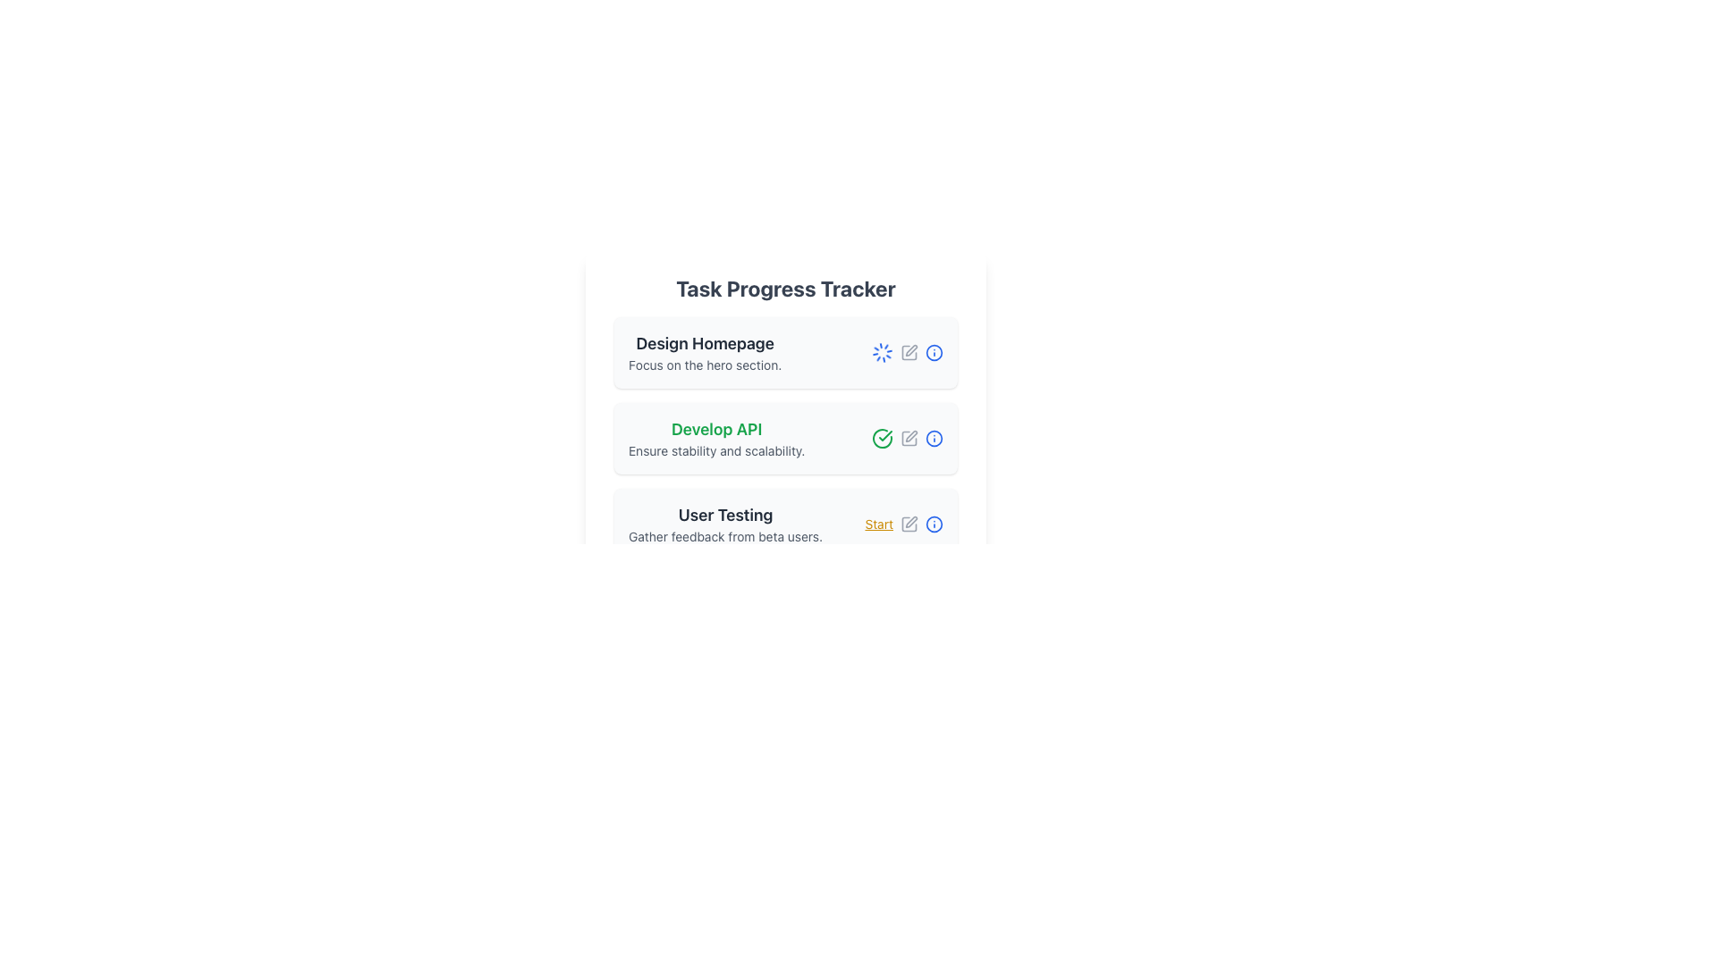  Describe the element at coordinates (716, 430) in the screenshot. I see `the title text element that serves as the primary identifier for the task card, which is positioned above the text 'Ensure stability and scalability.' in the second task card under 'Task Progress Tracker.'` at that location.